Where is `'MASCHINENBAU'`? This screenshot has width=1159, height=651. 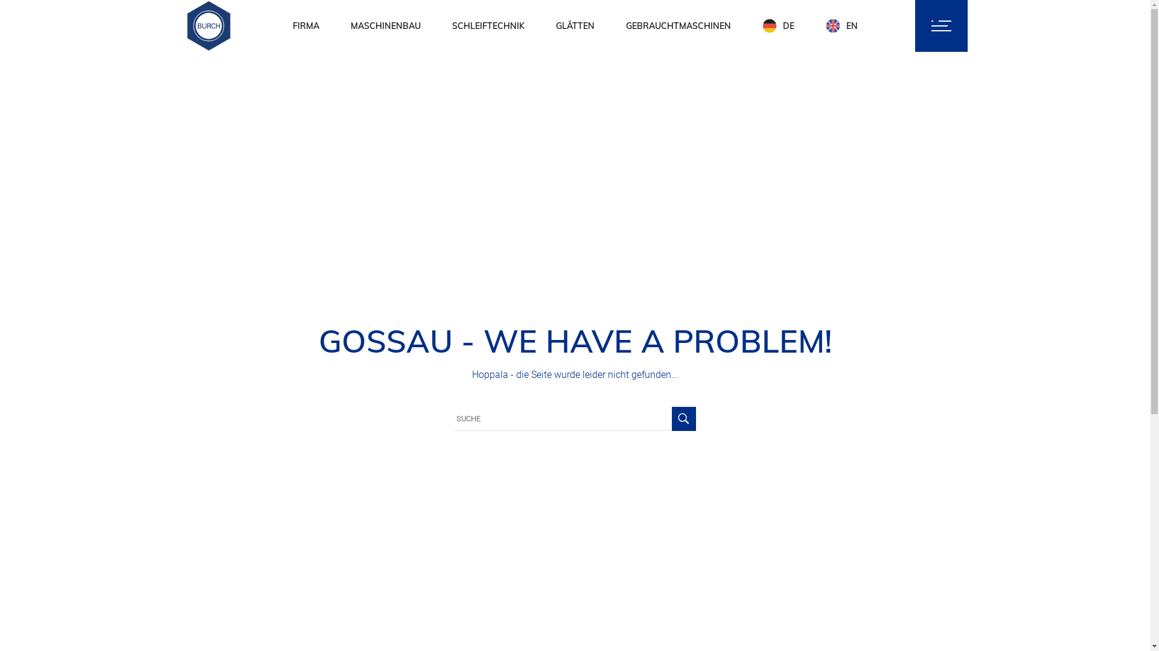
'MASCHINENBAU' is located at coordinates (350, 25).